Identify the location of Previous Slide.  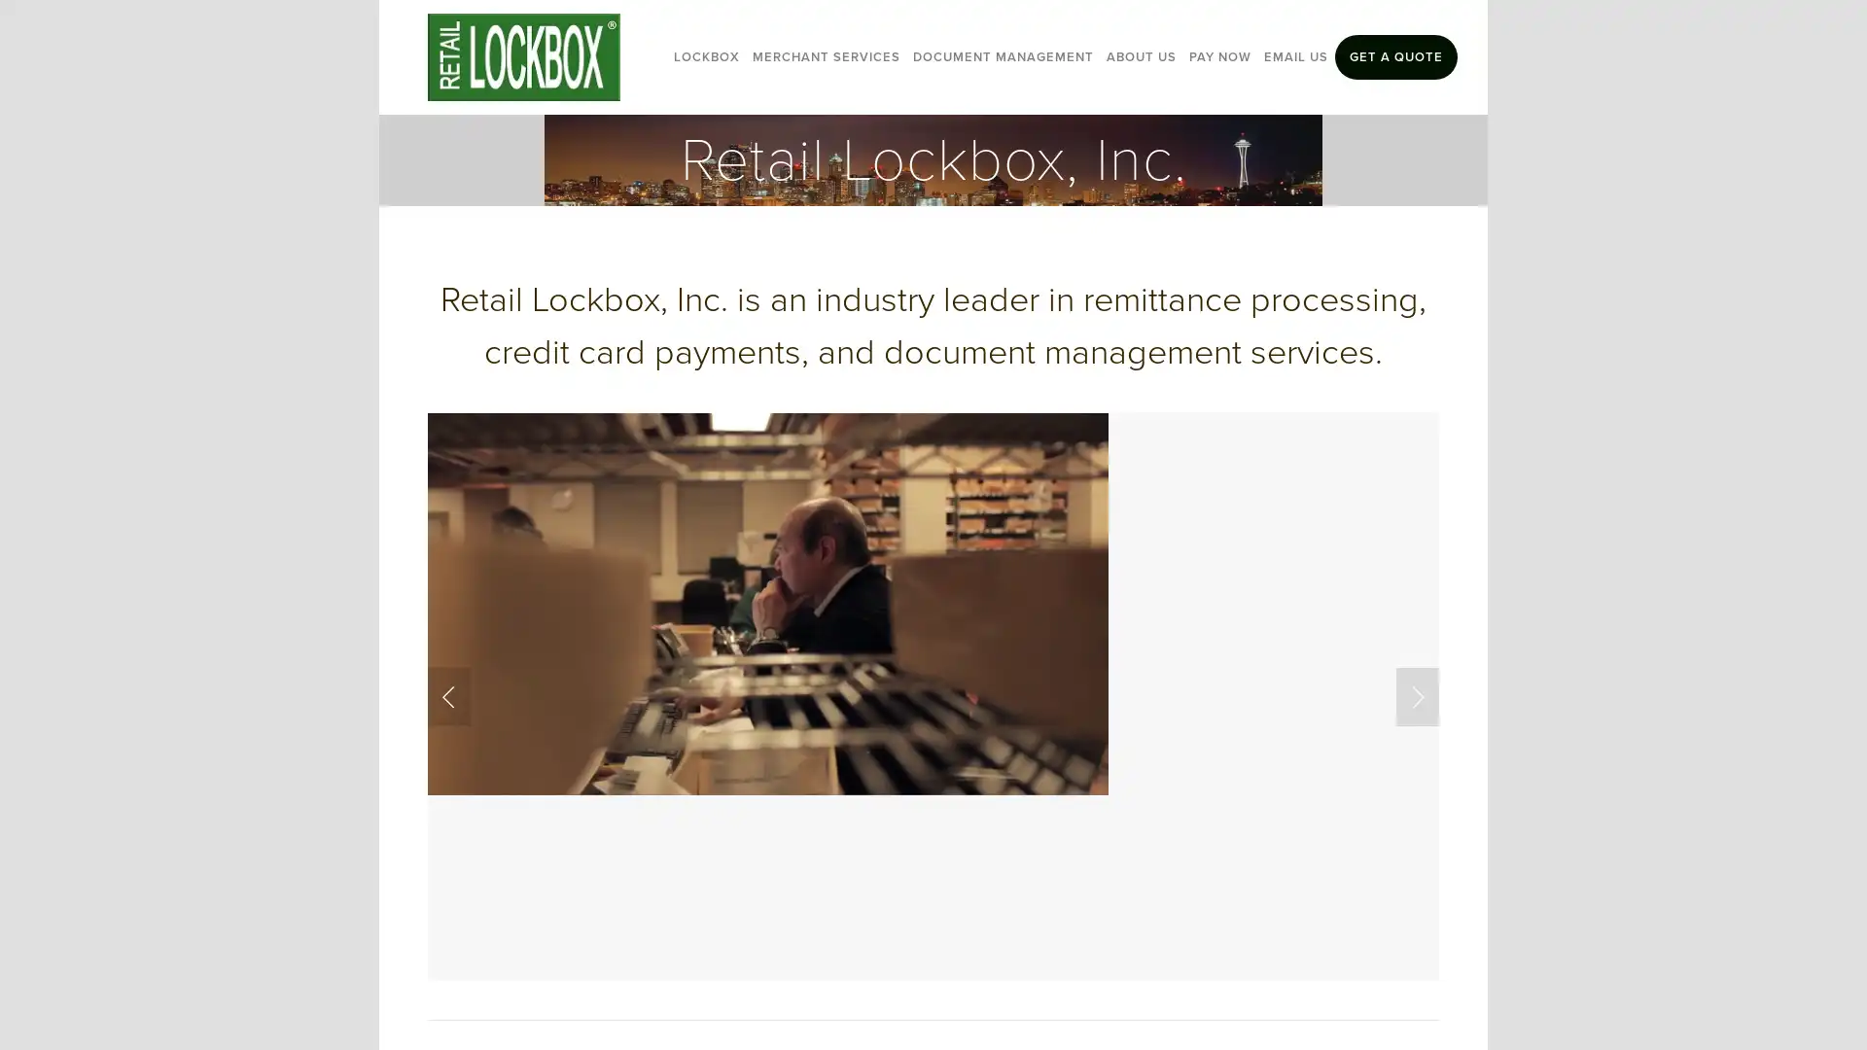
(447, 695).